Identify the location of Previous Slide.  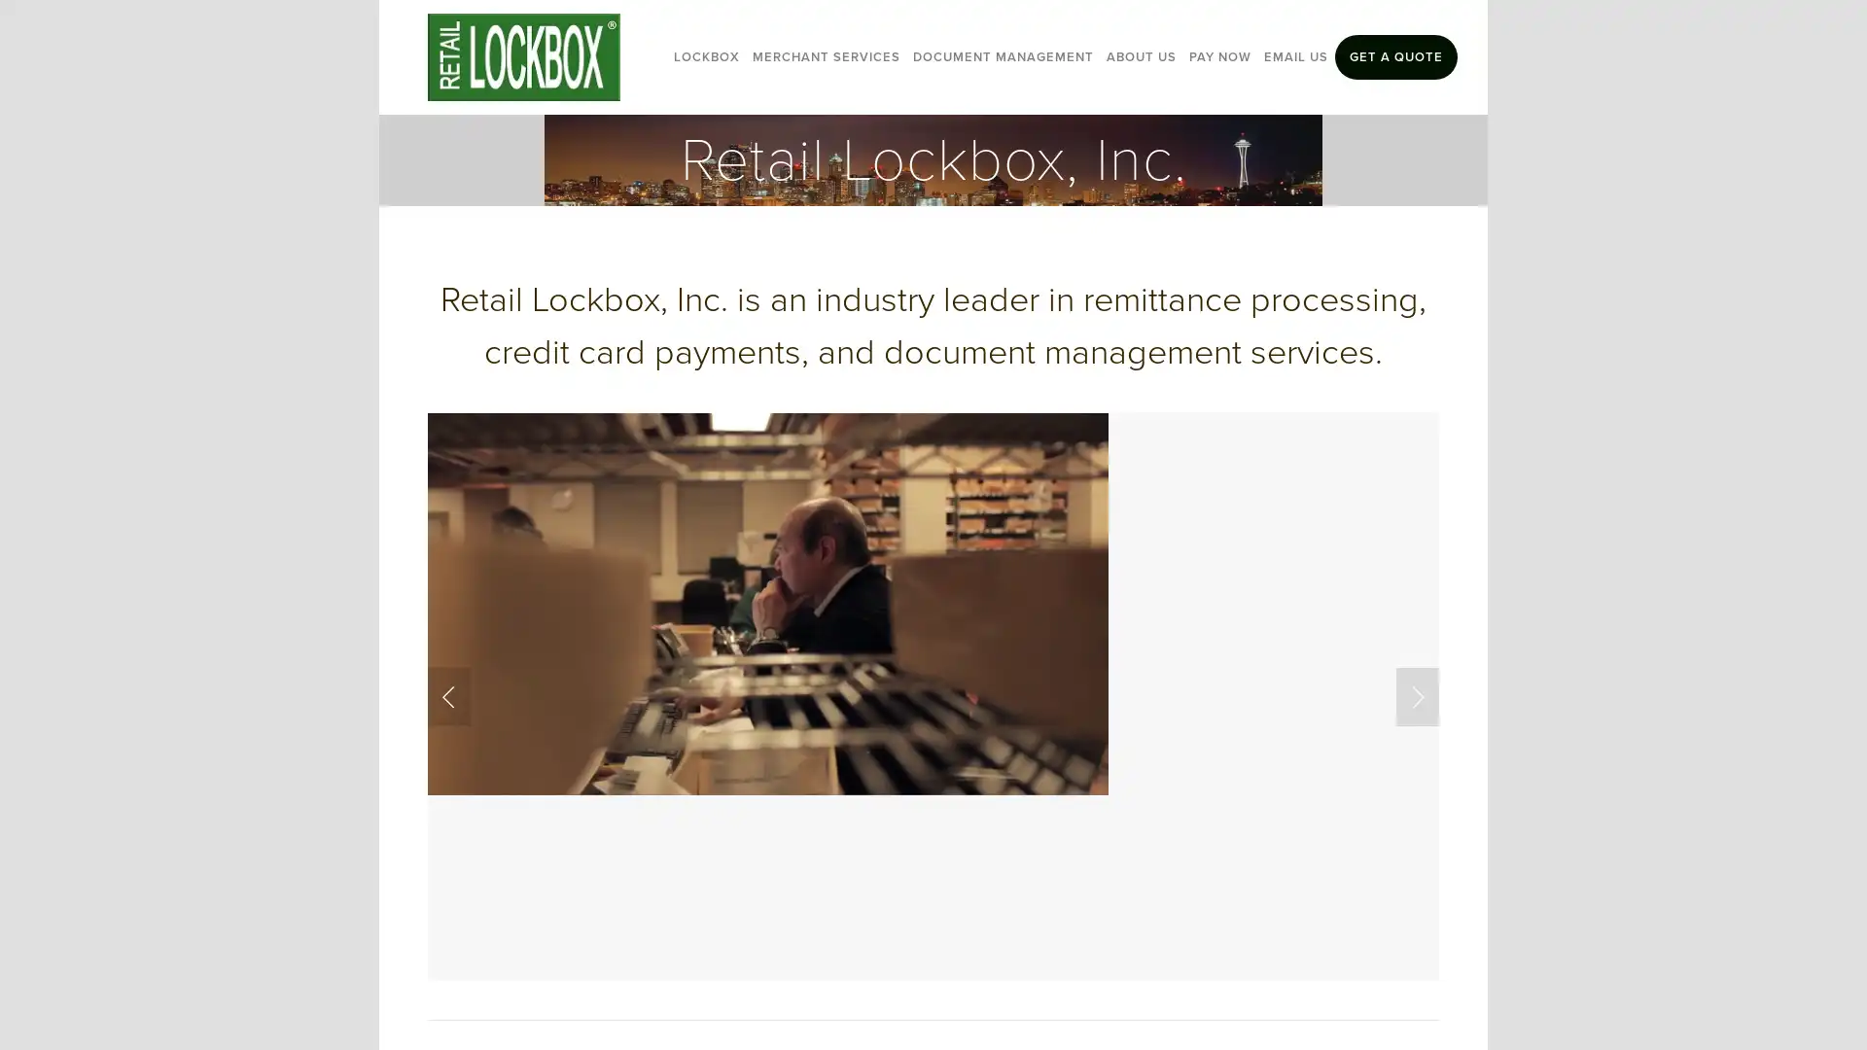
(447, 695).